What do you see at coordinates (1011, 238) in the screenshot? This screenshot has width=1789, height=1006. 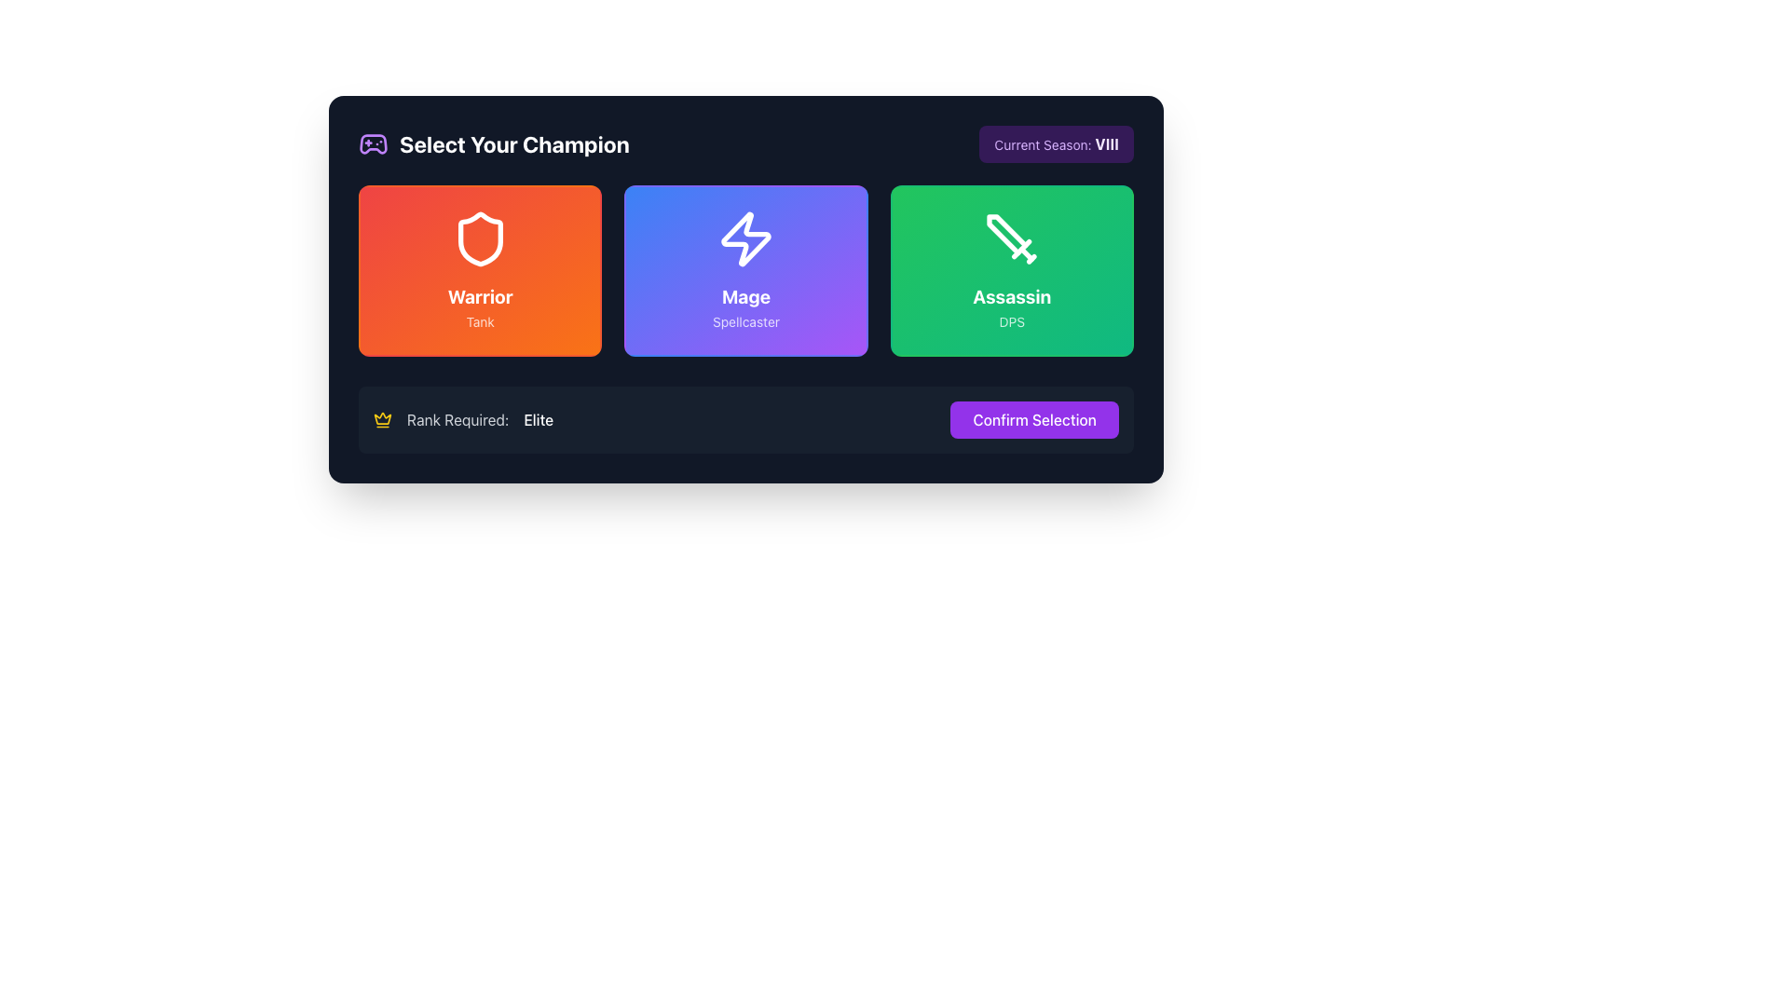 I see `the white sword icon displayed against a green rectangular background, which is associated with weapons or combat, located in the rightmost column labeled 'Assassin' and 'DPS'` at bounding box center [1011, 238].